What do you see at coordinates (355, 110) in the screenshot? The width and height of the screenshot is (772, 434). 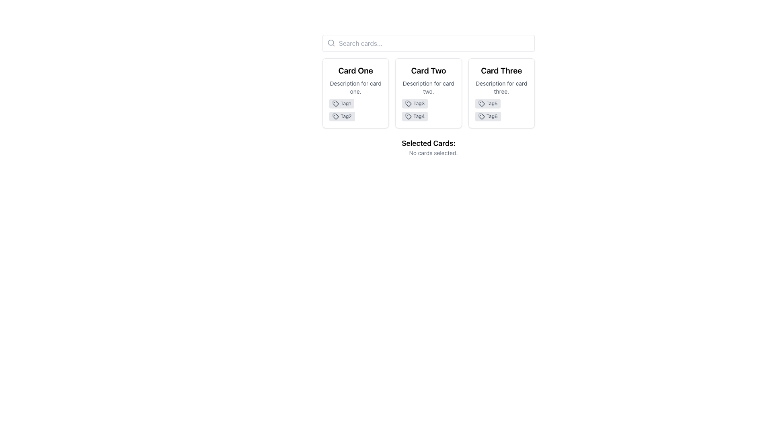 I see `the tags displayed at the bottom of 'Card One', which includes 'Tag1' and 'Tag2'` at bounding box center [355, 110].